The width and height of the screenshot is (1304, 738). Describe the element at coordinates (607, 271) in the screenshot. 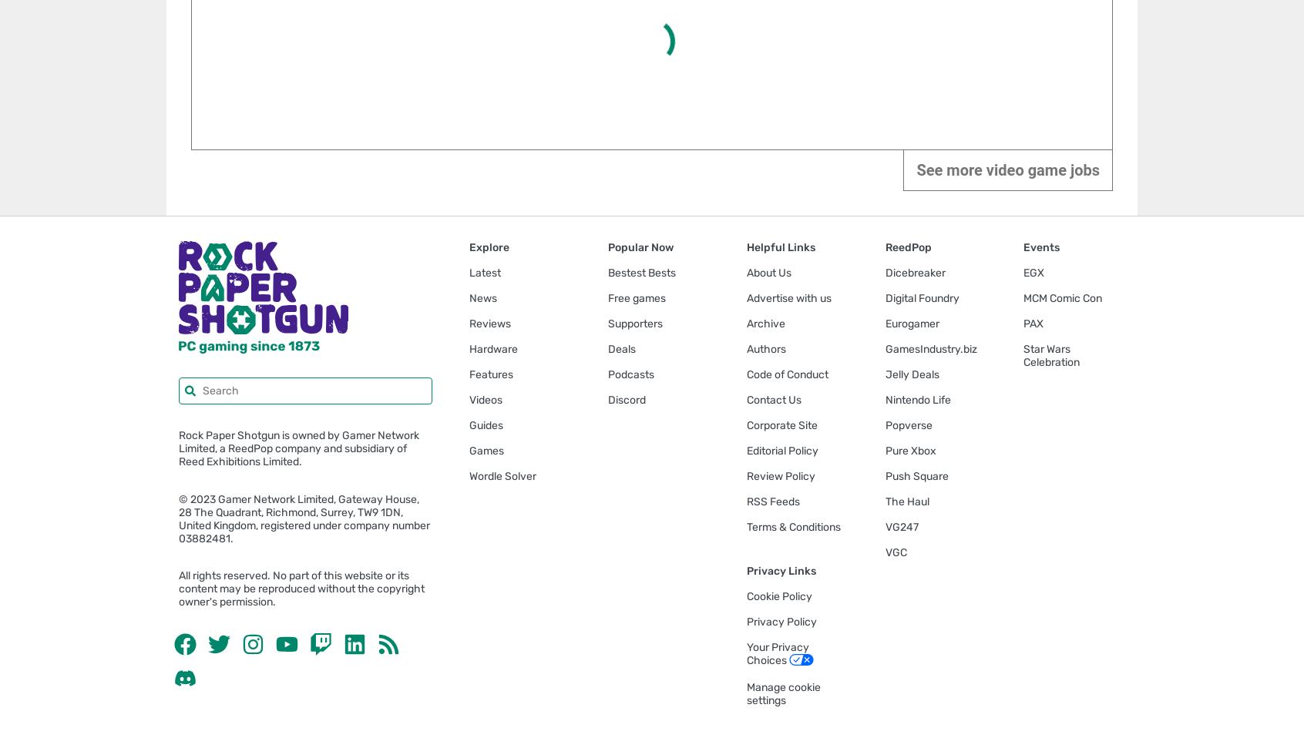

I see `'Bestest Bests'` at that location.